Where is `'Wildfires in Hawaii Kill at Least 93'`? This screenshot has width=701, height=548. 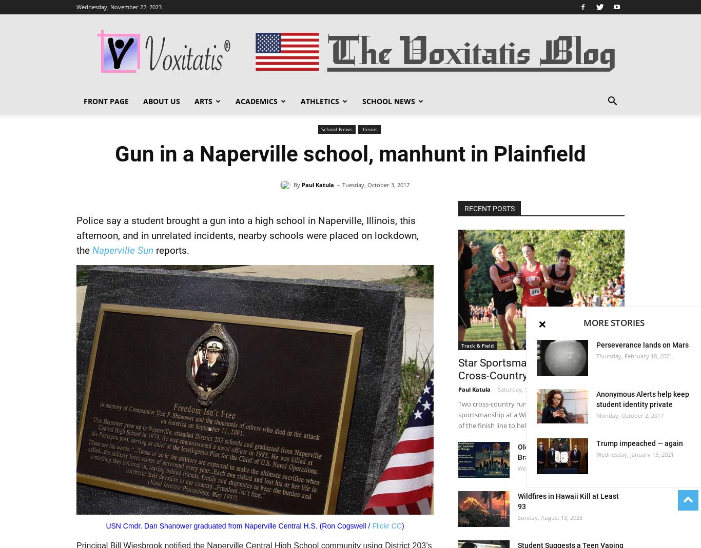
'Wildfires in Hawaii Kill at Least 93' is located at coordinates (518, 501).